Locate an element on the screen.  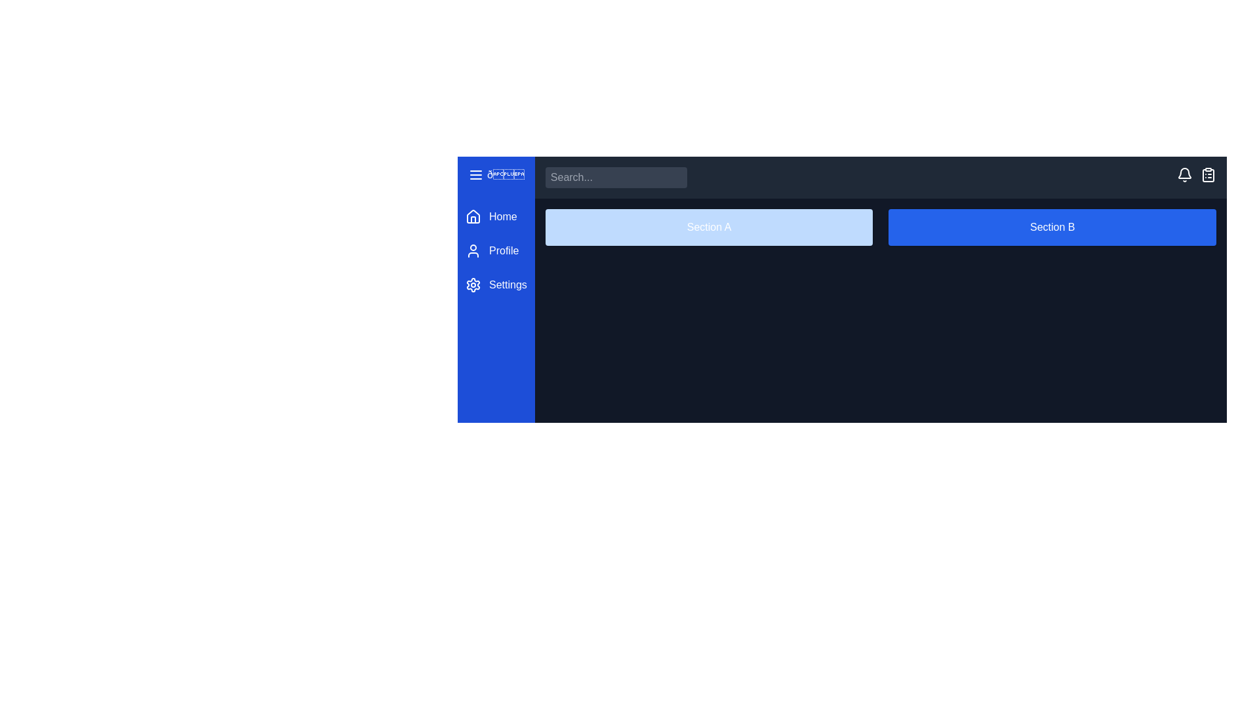
the 'Profile' icon located on the sidebar, positioned to the left of the text 'Profile', which serves as a visual indicator for profile or account settings is located at coordinates (472, 250).